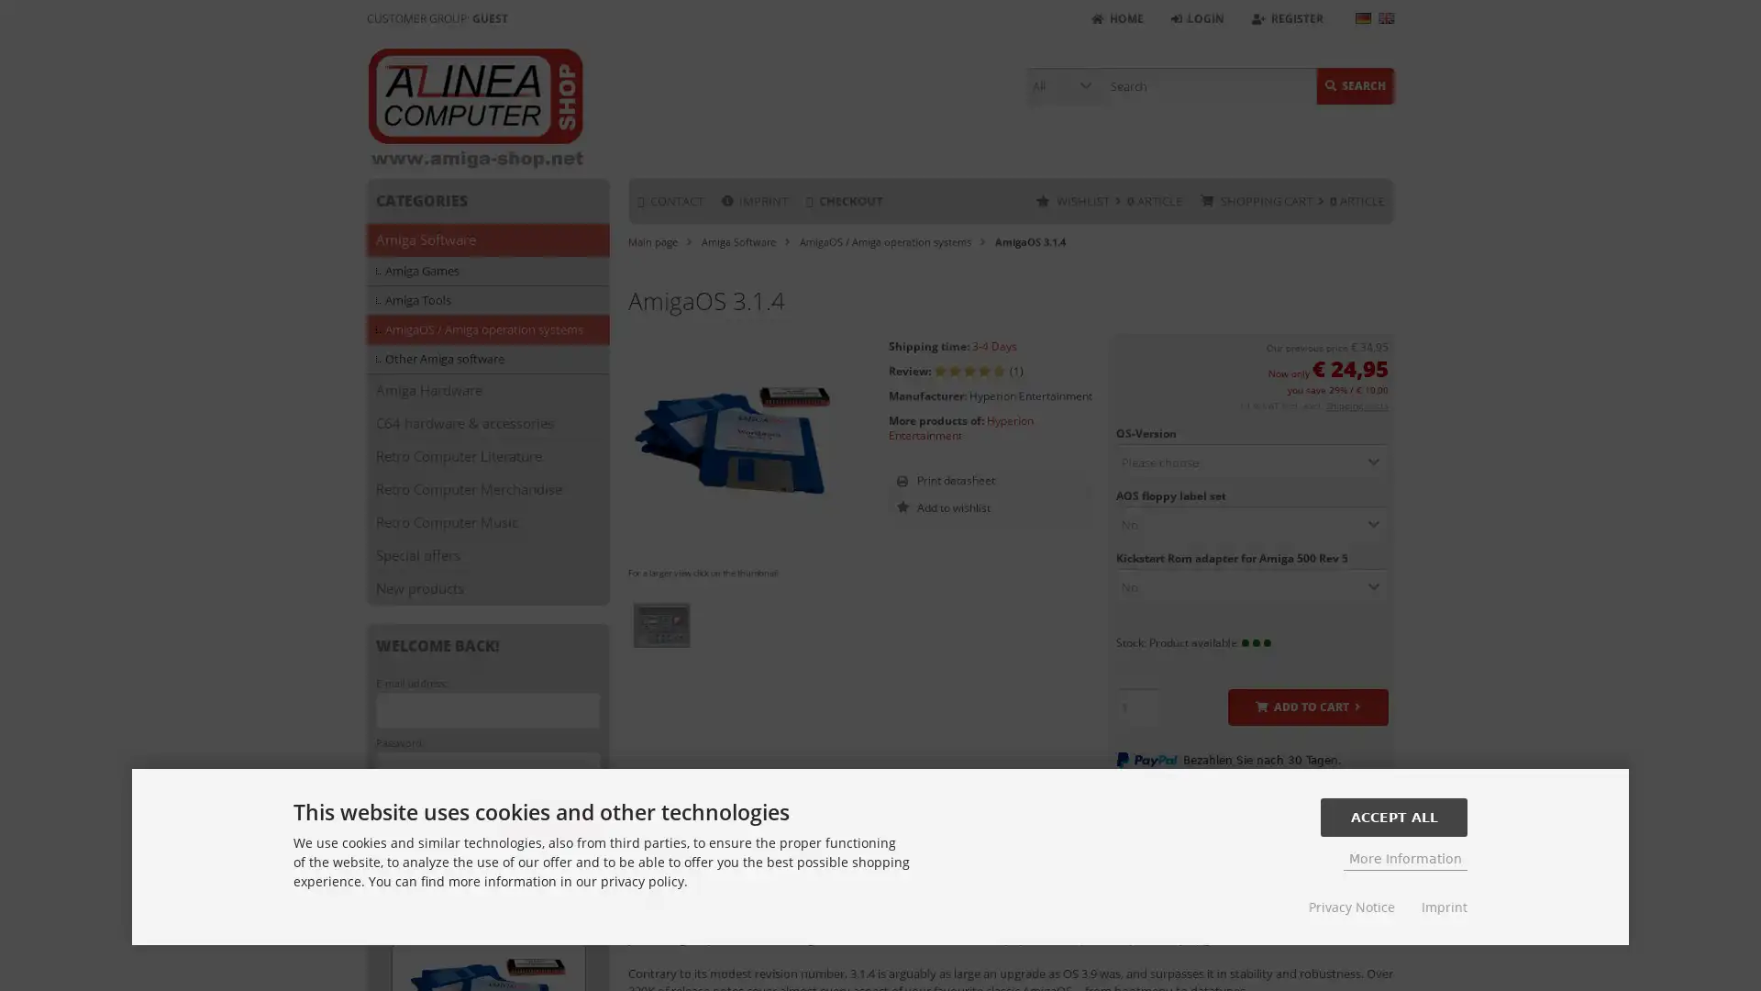 The height and width of the screenshot is (991, 1761). I want to click on Please choose Please choose, so click(1250, 462).